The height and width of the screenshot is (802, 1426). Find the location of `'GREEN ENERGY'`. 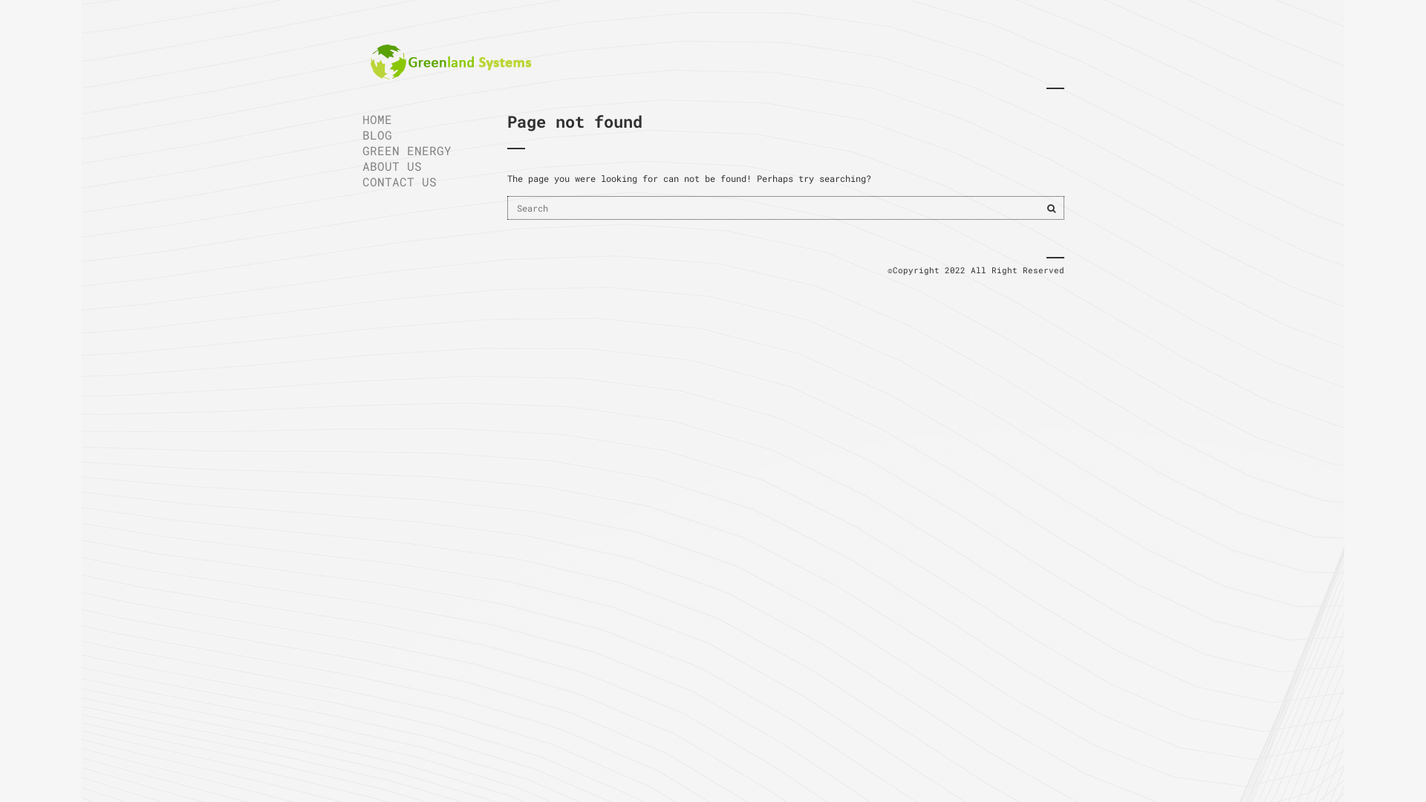

'GREEN ENERGY' is located at coordinates (423, 150).